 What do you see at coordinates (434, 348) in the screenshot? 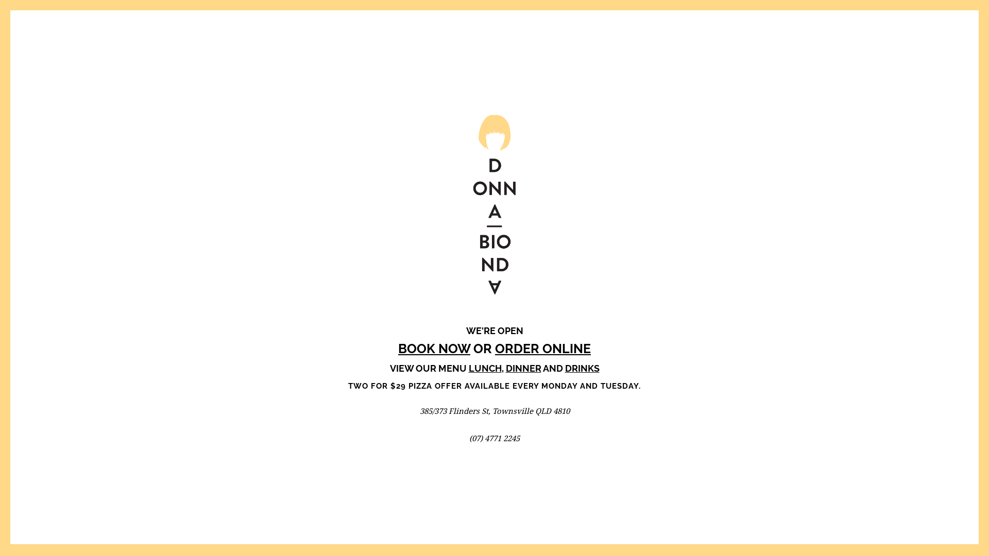
I see `'BOOK NOW'` at bounding box center [434, 348].